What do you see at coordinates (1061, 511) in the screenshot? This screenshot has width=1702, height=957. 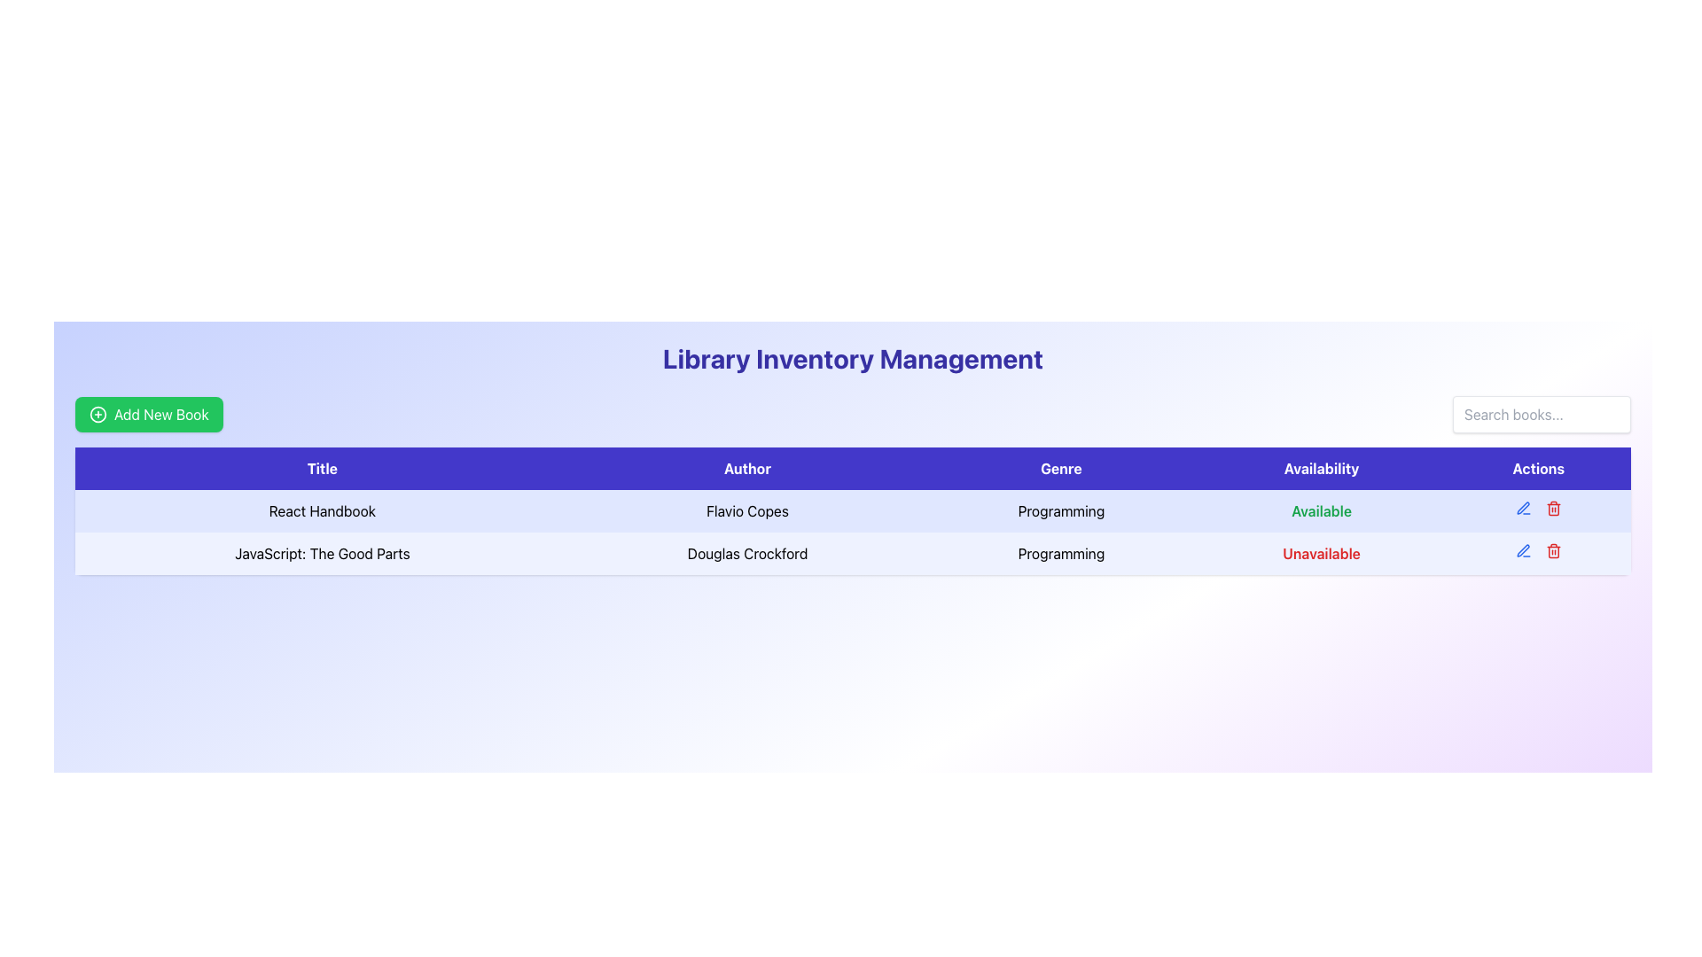 I see `the static text label indicating the genre of the book 'React Handbook' by 'Flavio Copes', located in the 'Genre' column of the table` at bounding box center [1061, 511].